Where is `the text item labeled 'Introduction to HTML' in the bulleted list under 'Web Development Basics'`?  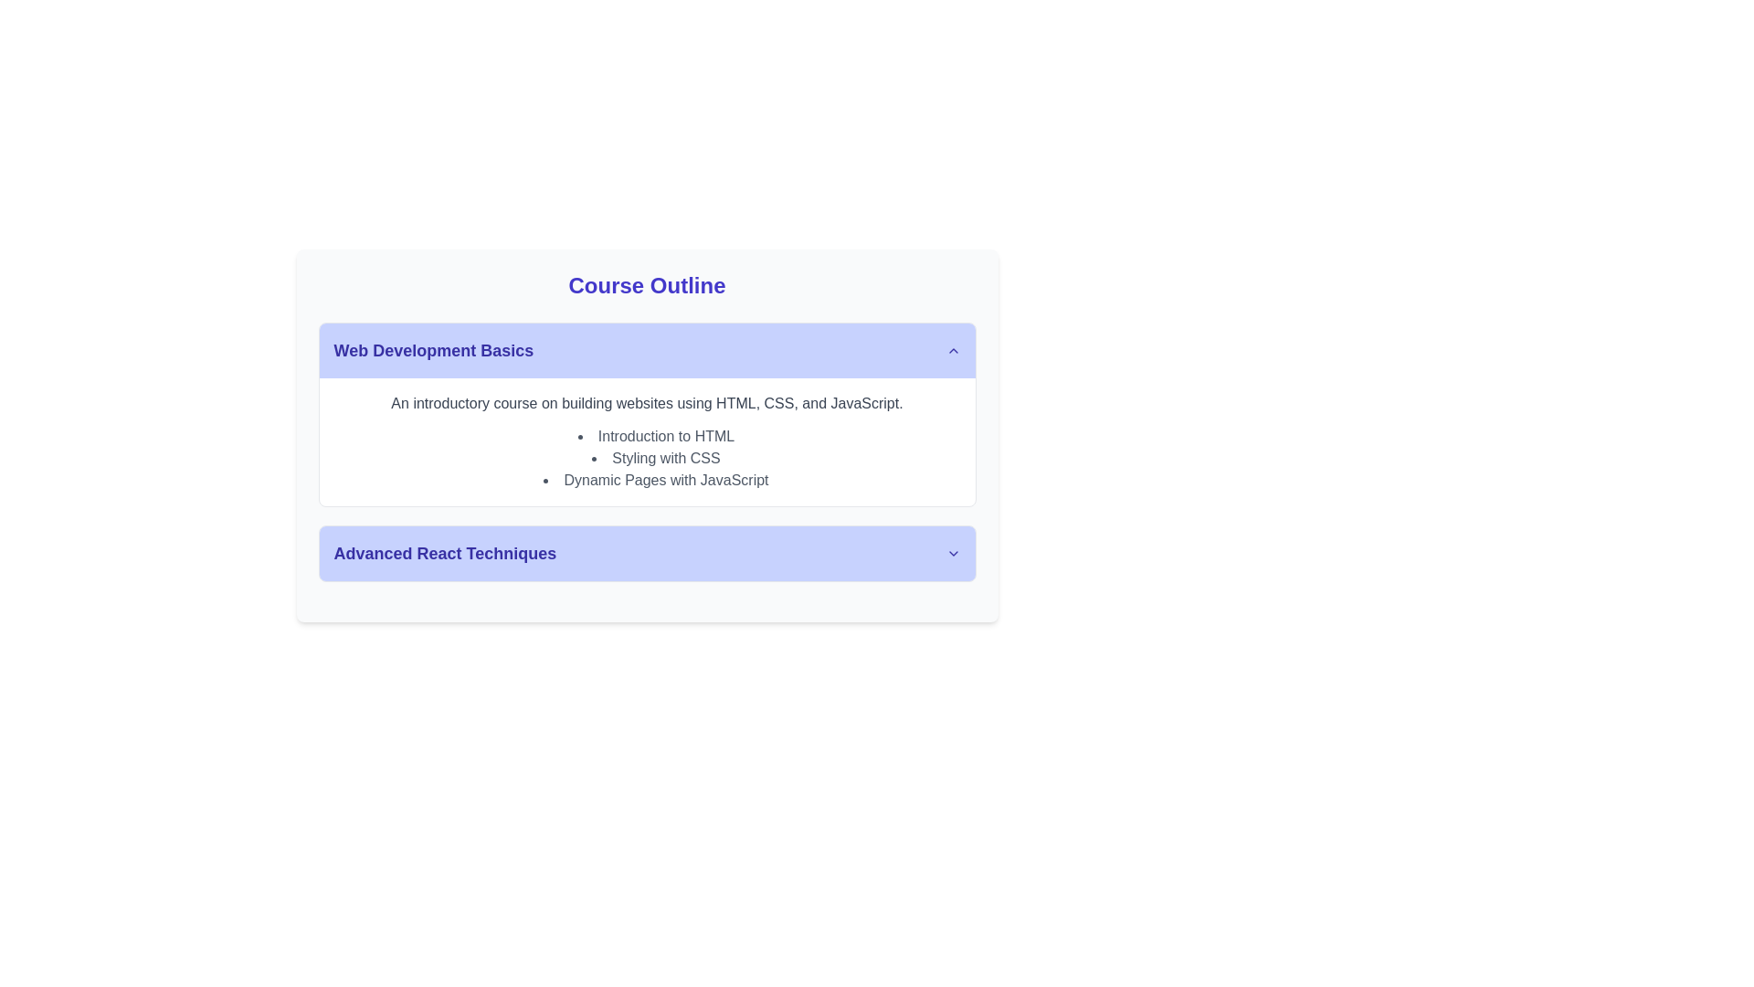
the text item labeled 'Introduction to HTML' in the bulleted list under 'Web Development Basics' is located at coordinates (656, 437).